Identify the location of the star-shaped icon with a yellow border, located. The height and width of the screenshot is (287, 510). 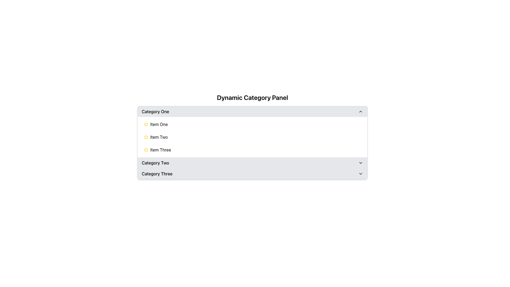
(146, 150).